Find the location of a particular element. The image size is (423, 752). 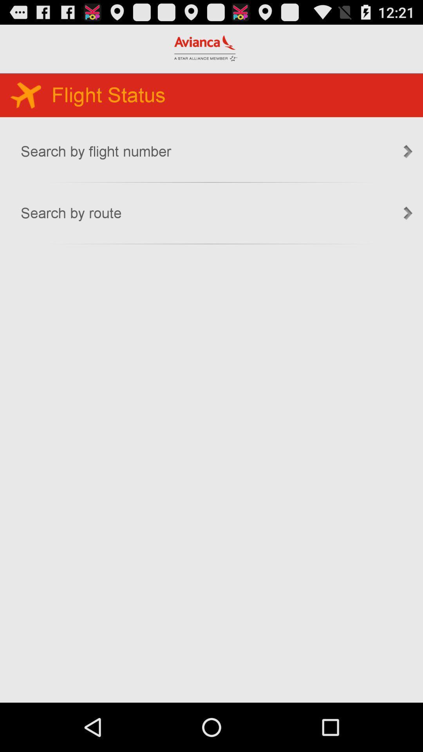

the logo below notificationstatus bar is located at coordinates (205, 48).